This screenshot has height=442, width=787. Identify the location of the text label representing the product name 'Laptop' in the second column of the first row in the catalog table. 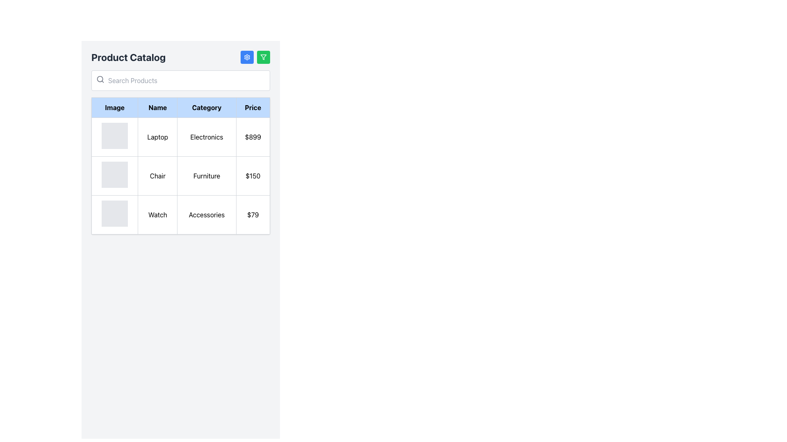
(157, 137).